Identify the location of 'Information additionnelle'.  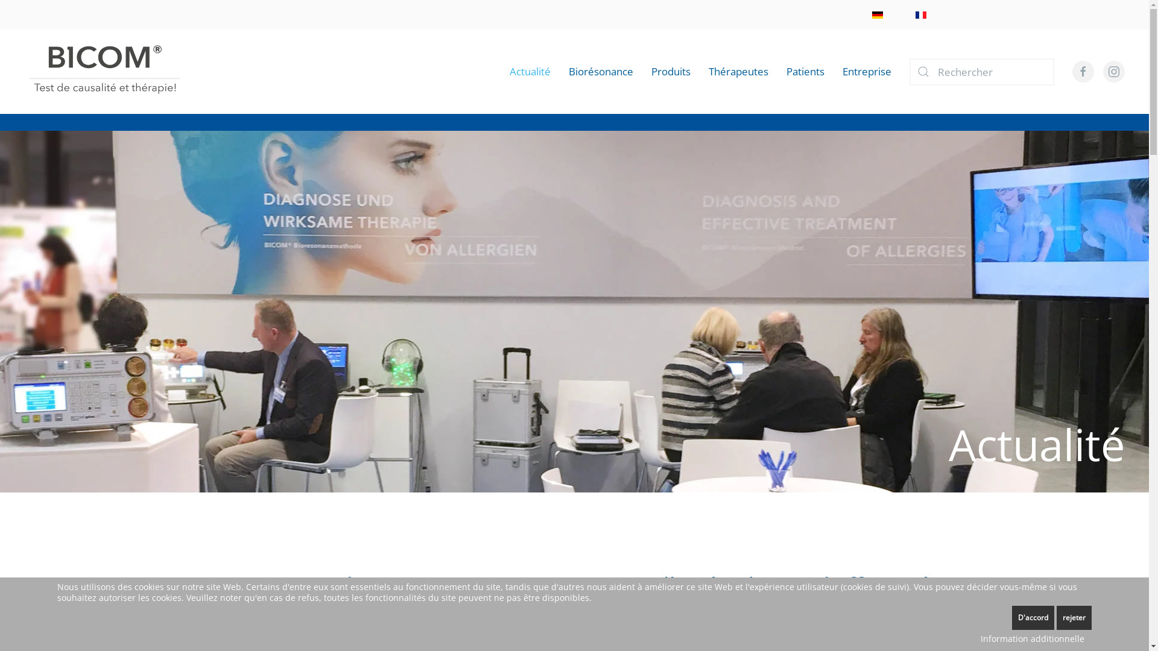
(1032, 638).